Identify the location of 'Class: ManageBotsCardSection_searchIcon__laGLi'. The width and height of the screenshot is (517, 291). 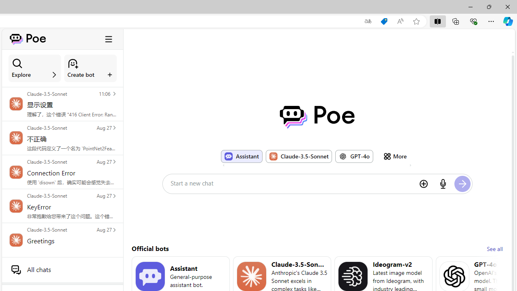
(17, 63).